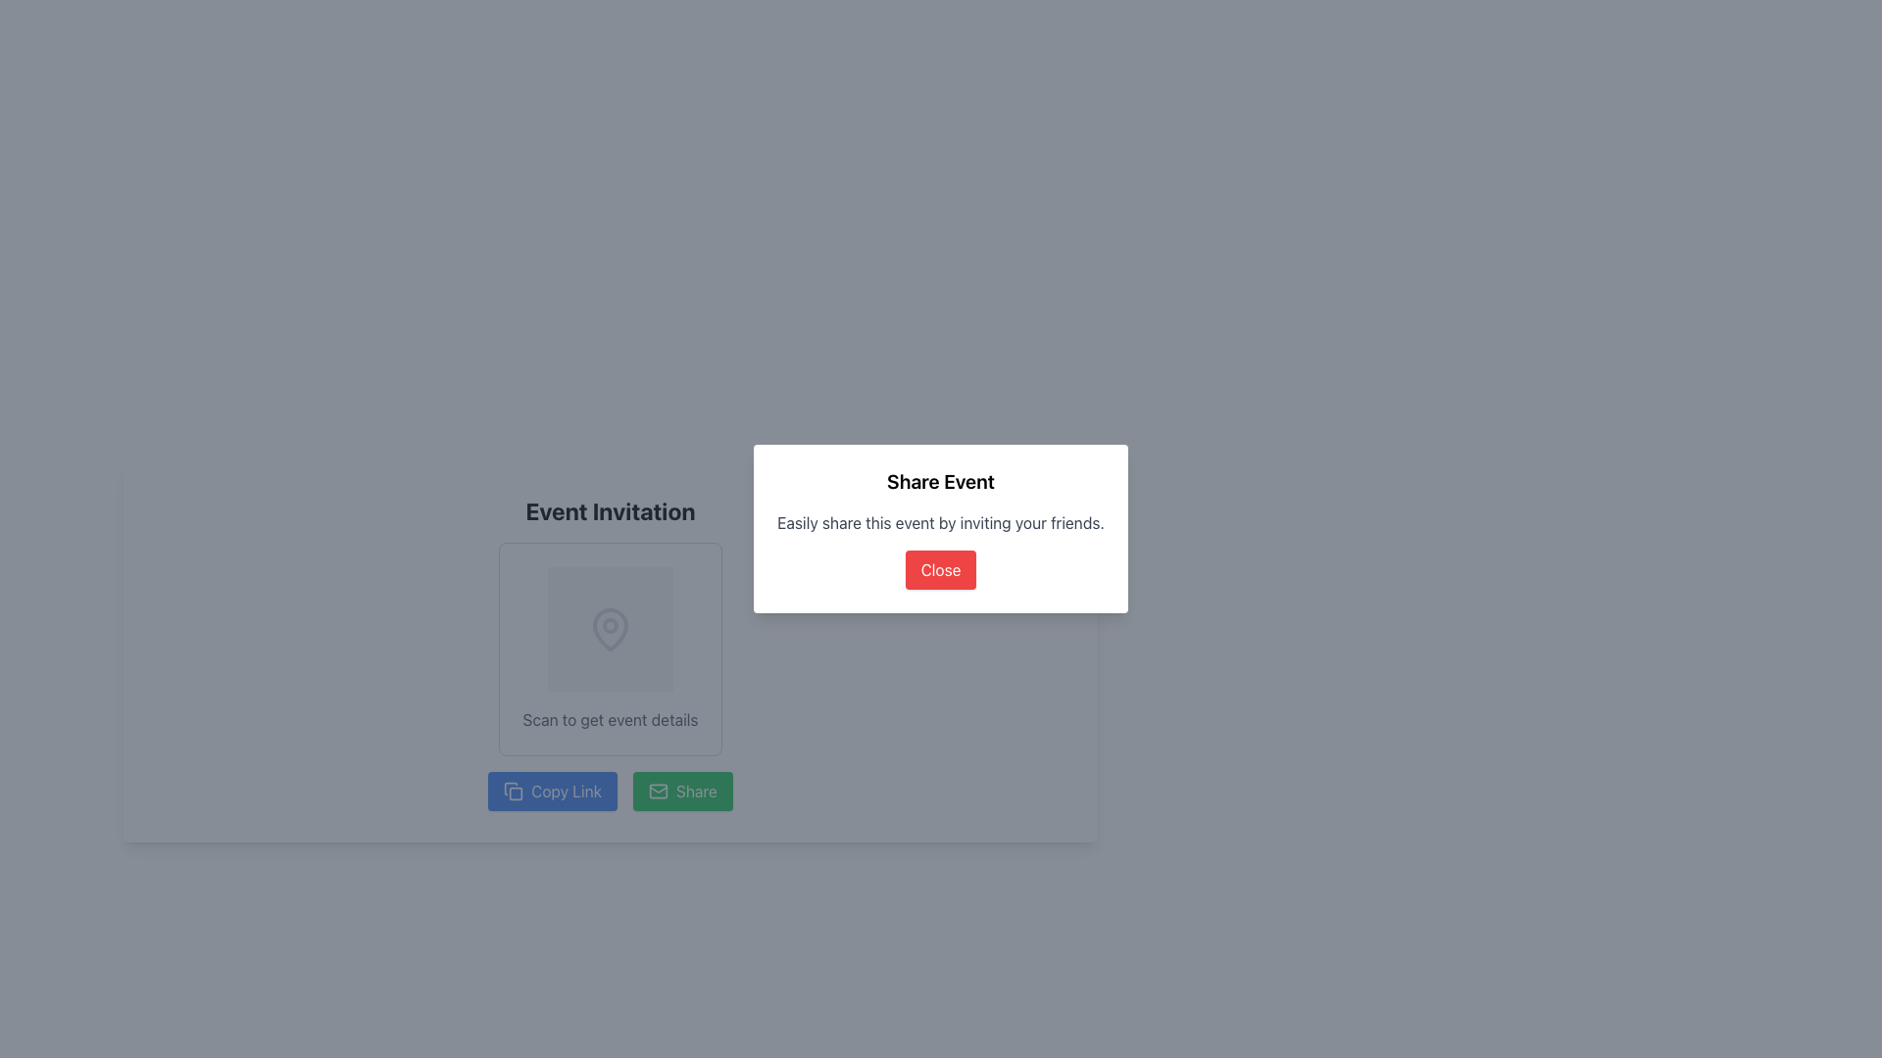  What do you see at coordinates (659, 790) in the screenshot?
I see `the envelope icon located within the green 'Share' button in the lower-left area of the interface` at bounding box center [659, 790].